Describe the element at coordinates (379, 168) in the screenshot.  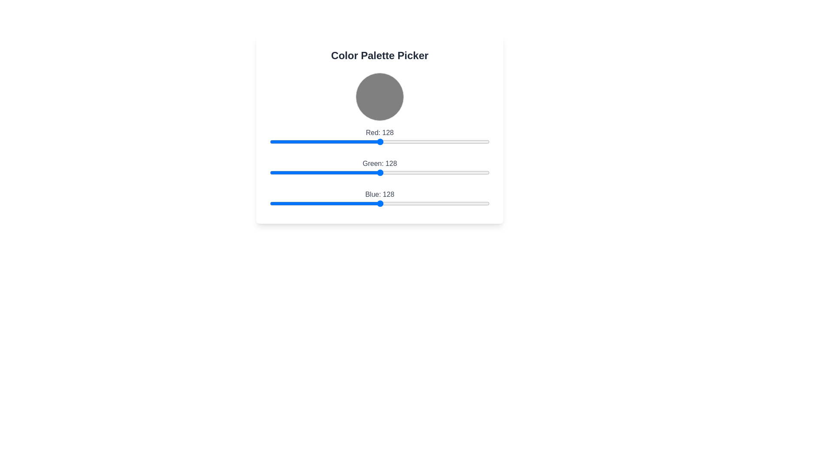
I see `the blue handle of the 'Green: 128' range slider` at that location.